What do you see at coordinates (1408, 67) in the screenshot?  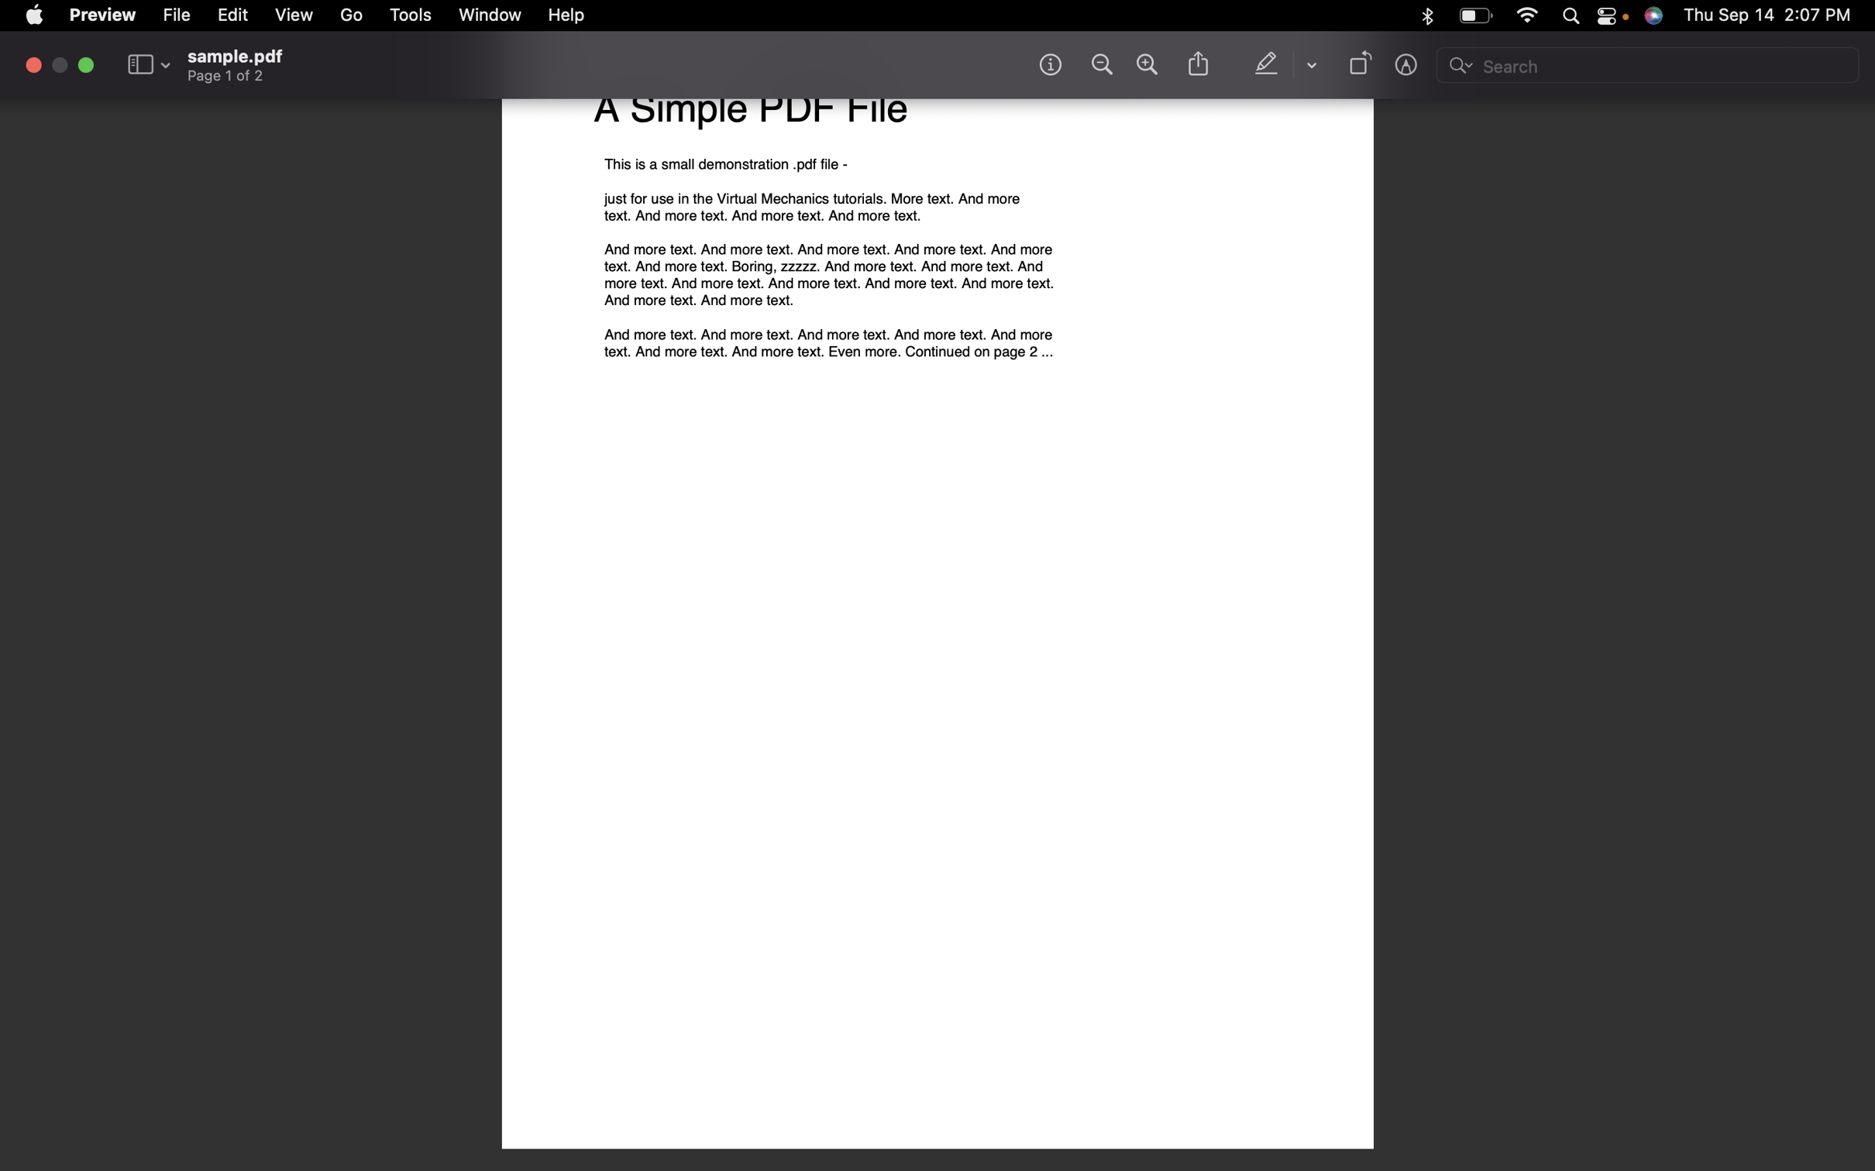 I see `Actuate the markup toolbar` at bounding box center [1408, 67].